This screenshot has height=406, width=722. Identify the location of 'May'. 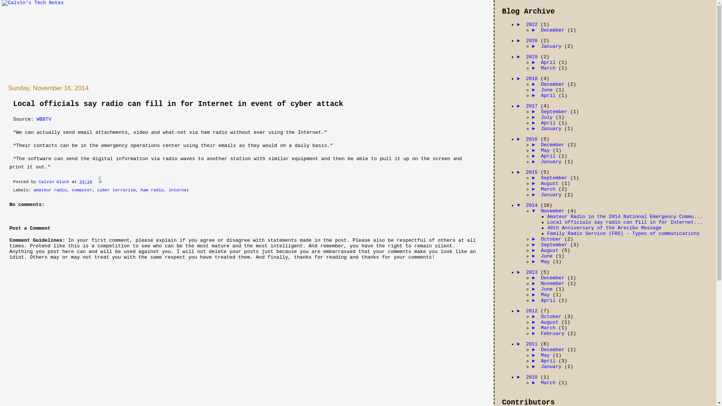
(546, 150).